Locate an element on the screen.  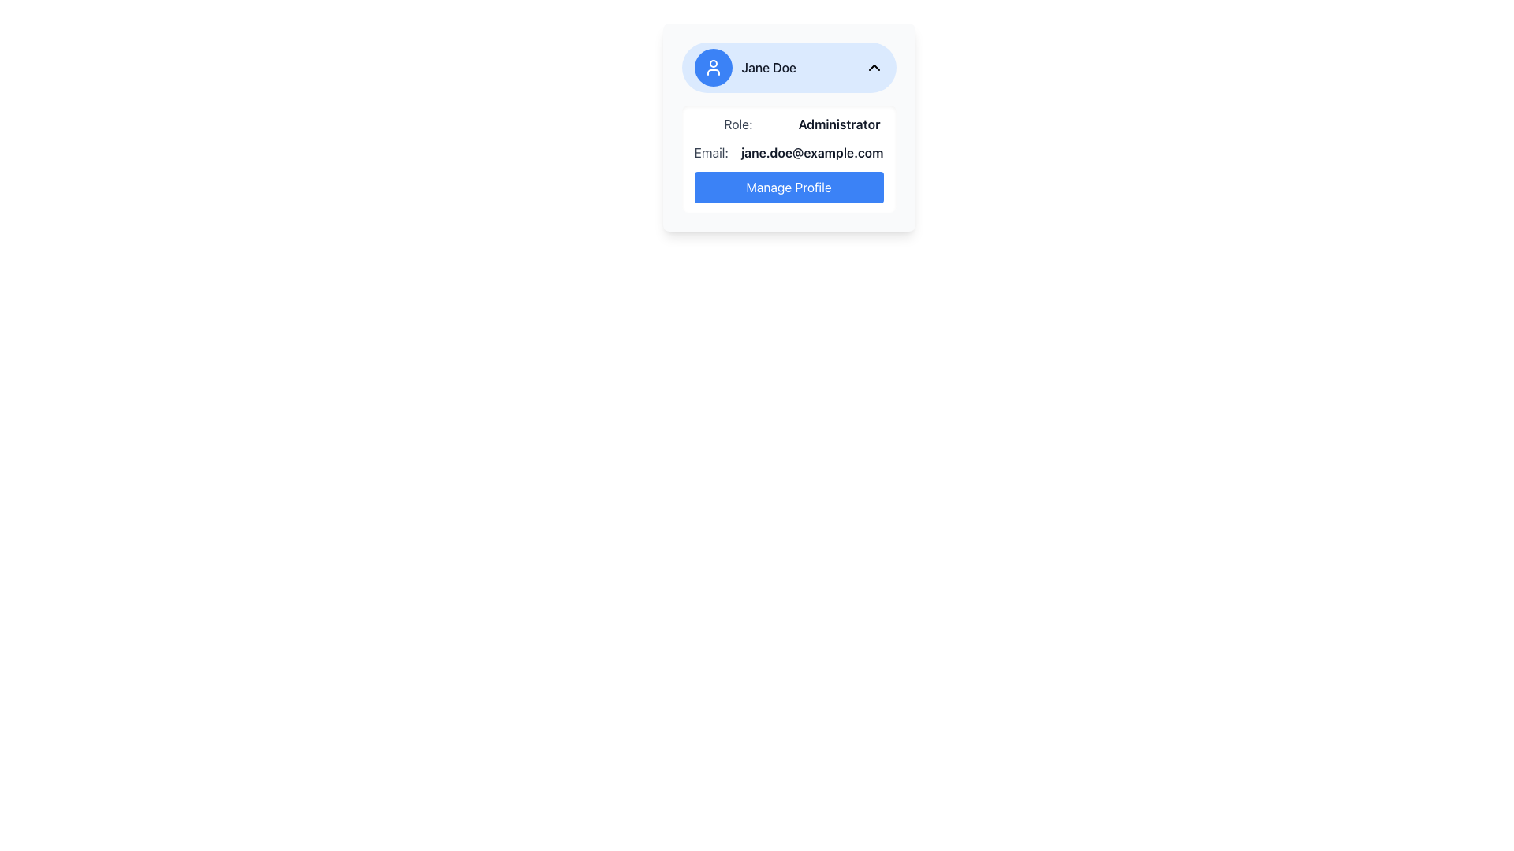
the static informational text displaying the user's email address, which is positioned below the role indication and above the 'Manage Profile' button is located at coordinates (789, 152).